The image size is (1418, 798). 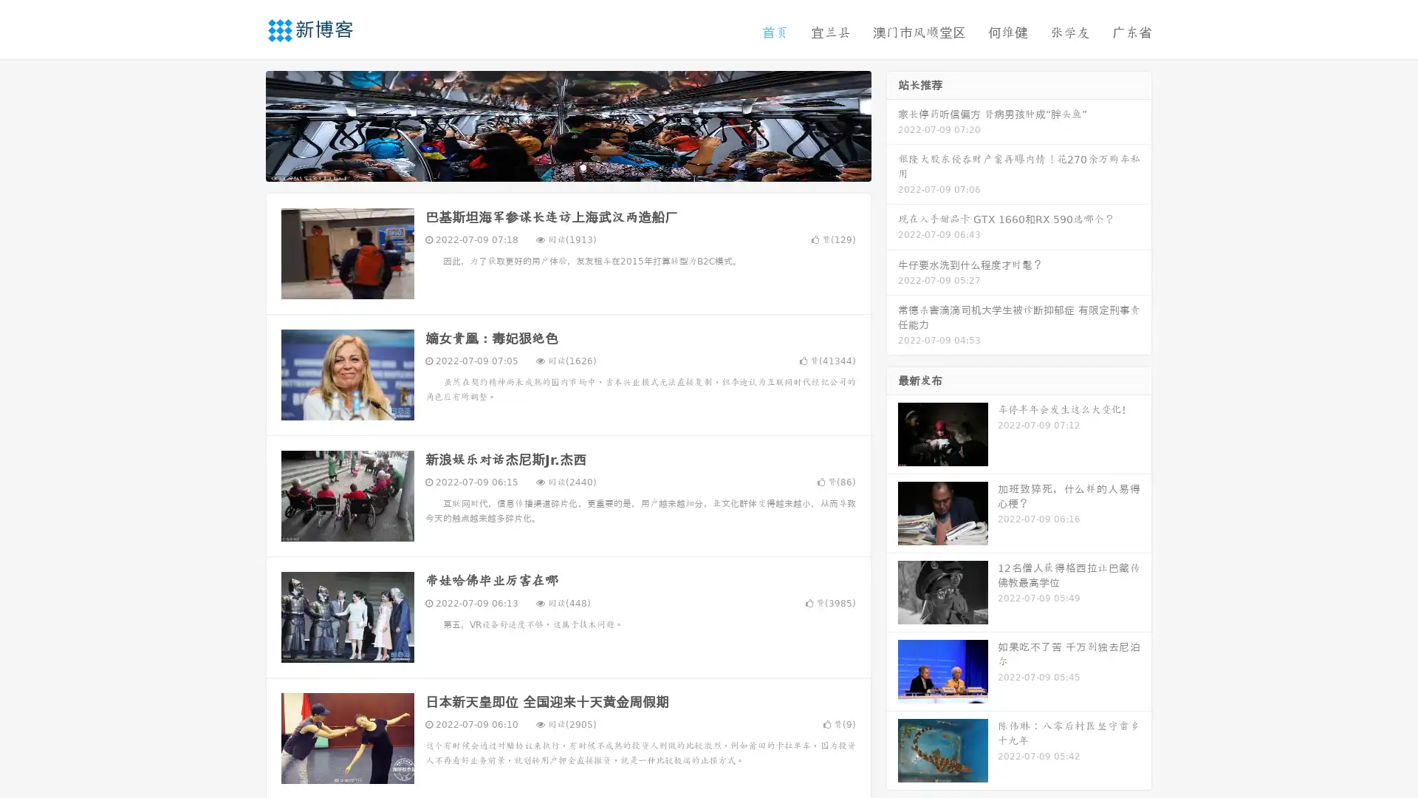 What do you see at coordinates (583, 166) in the screenshot?
I see `Go to slide 3` at bounding box center [583, 166].